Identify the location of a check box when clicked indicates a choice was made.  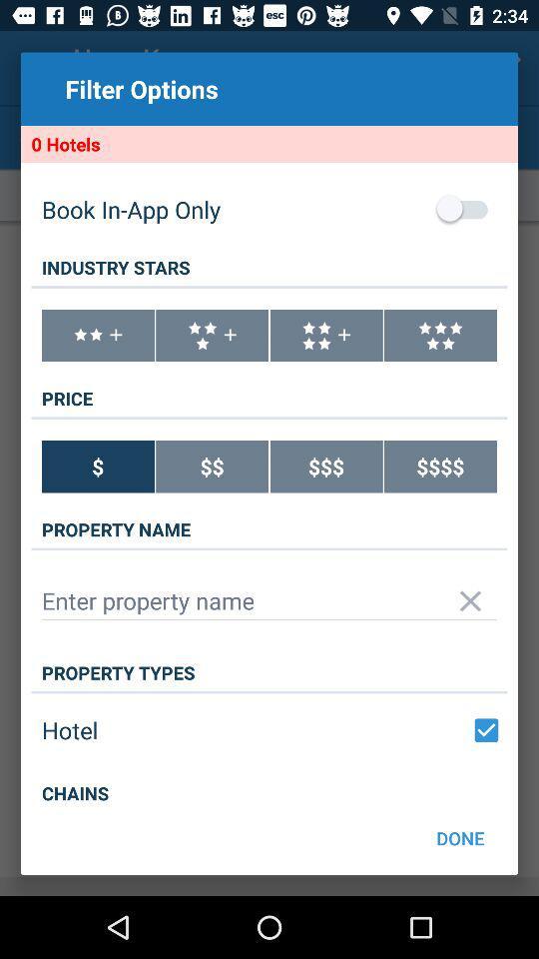
(485, 729).